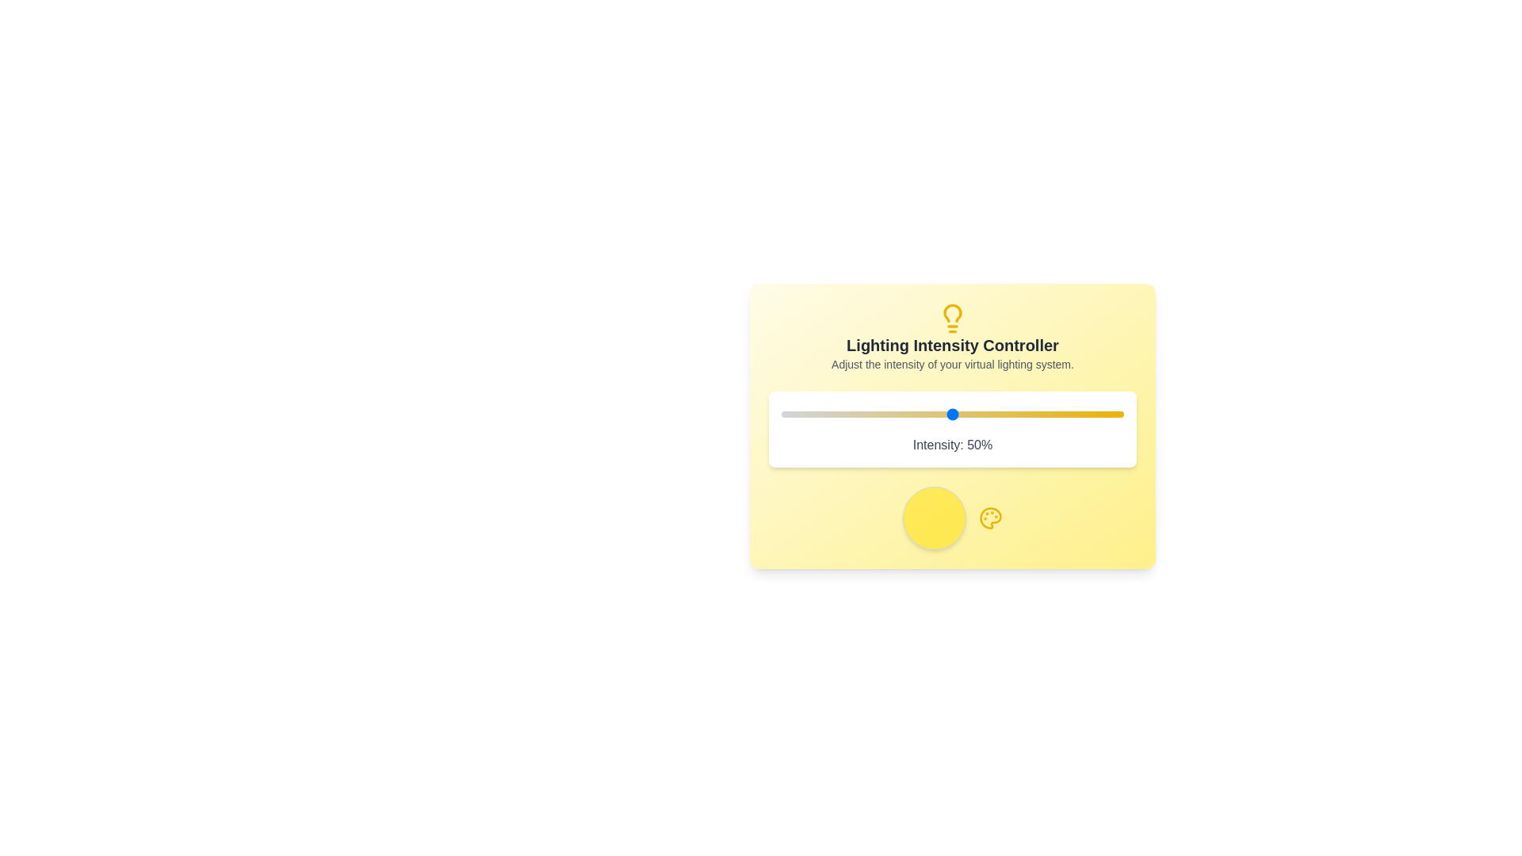 Image resolution: width=1522 pixels, height=856 pixels. Describe the element at coordinates (1073, 414) in the screenshot. I see `the slider to set the lighting intensity to 85%` at that location.